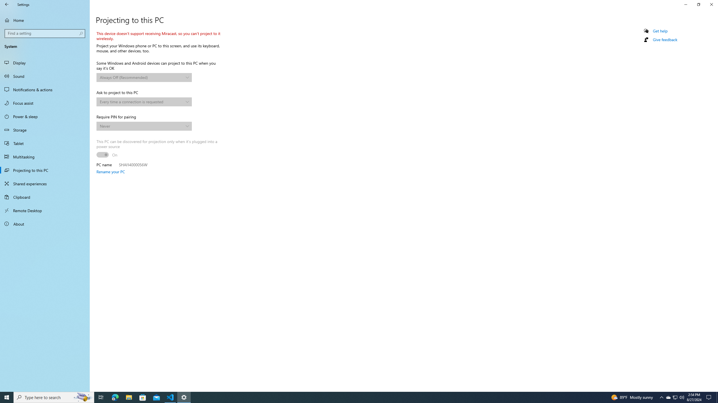 This screenshot has height=403, width=718. Describe the element at coordinates (144, 102) in the screenshot. I see `'Ask to project to this PC'` at that location.